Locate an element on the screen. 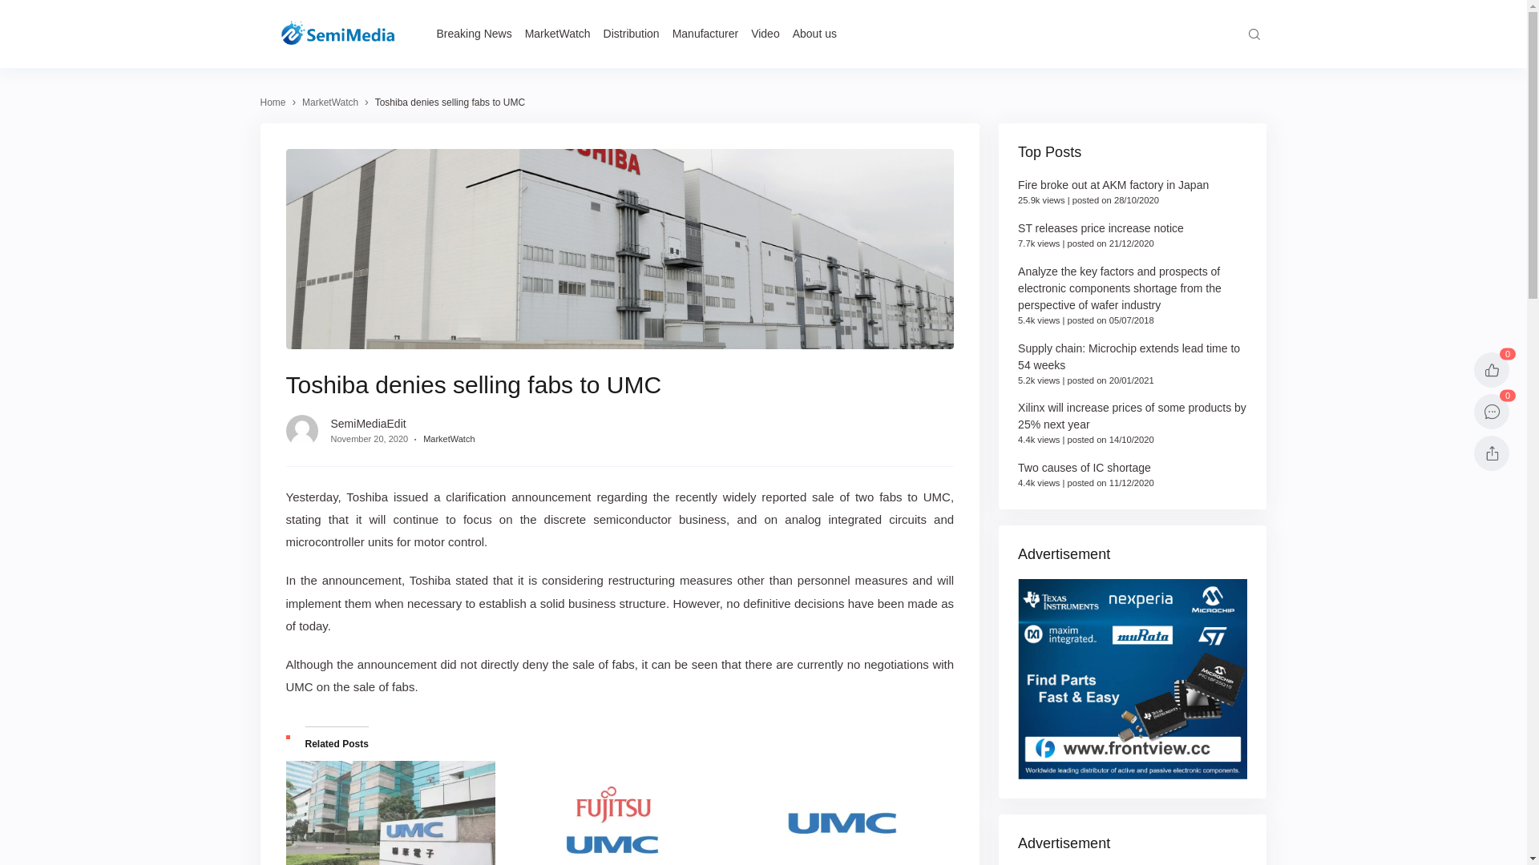  'Home' is located at coordinates (260, 102).